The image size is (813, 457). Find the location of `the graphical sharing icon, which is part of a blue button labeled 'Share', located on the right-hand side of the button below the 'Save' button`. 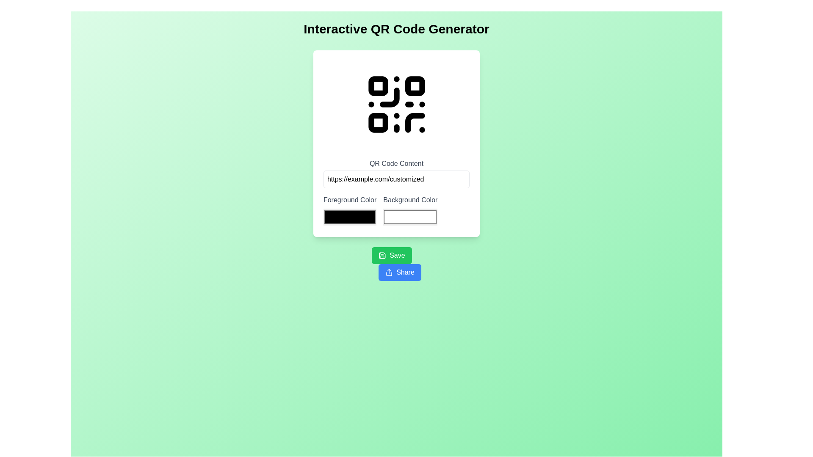

the graphical sharing icon, which is part of a blue button labeled 'Share', located on the right-hand side of the button below the 'Save' button is located at coordinates (389, 273).